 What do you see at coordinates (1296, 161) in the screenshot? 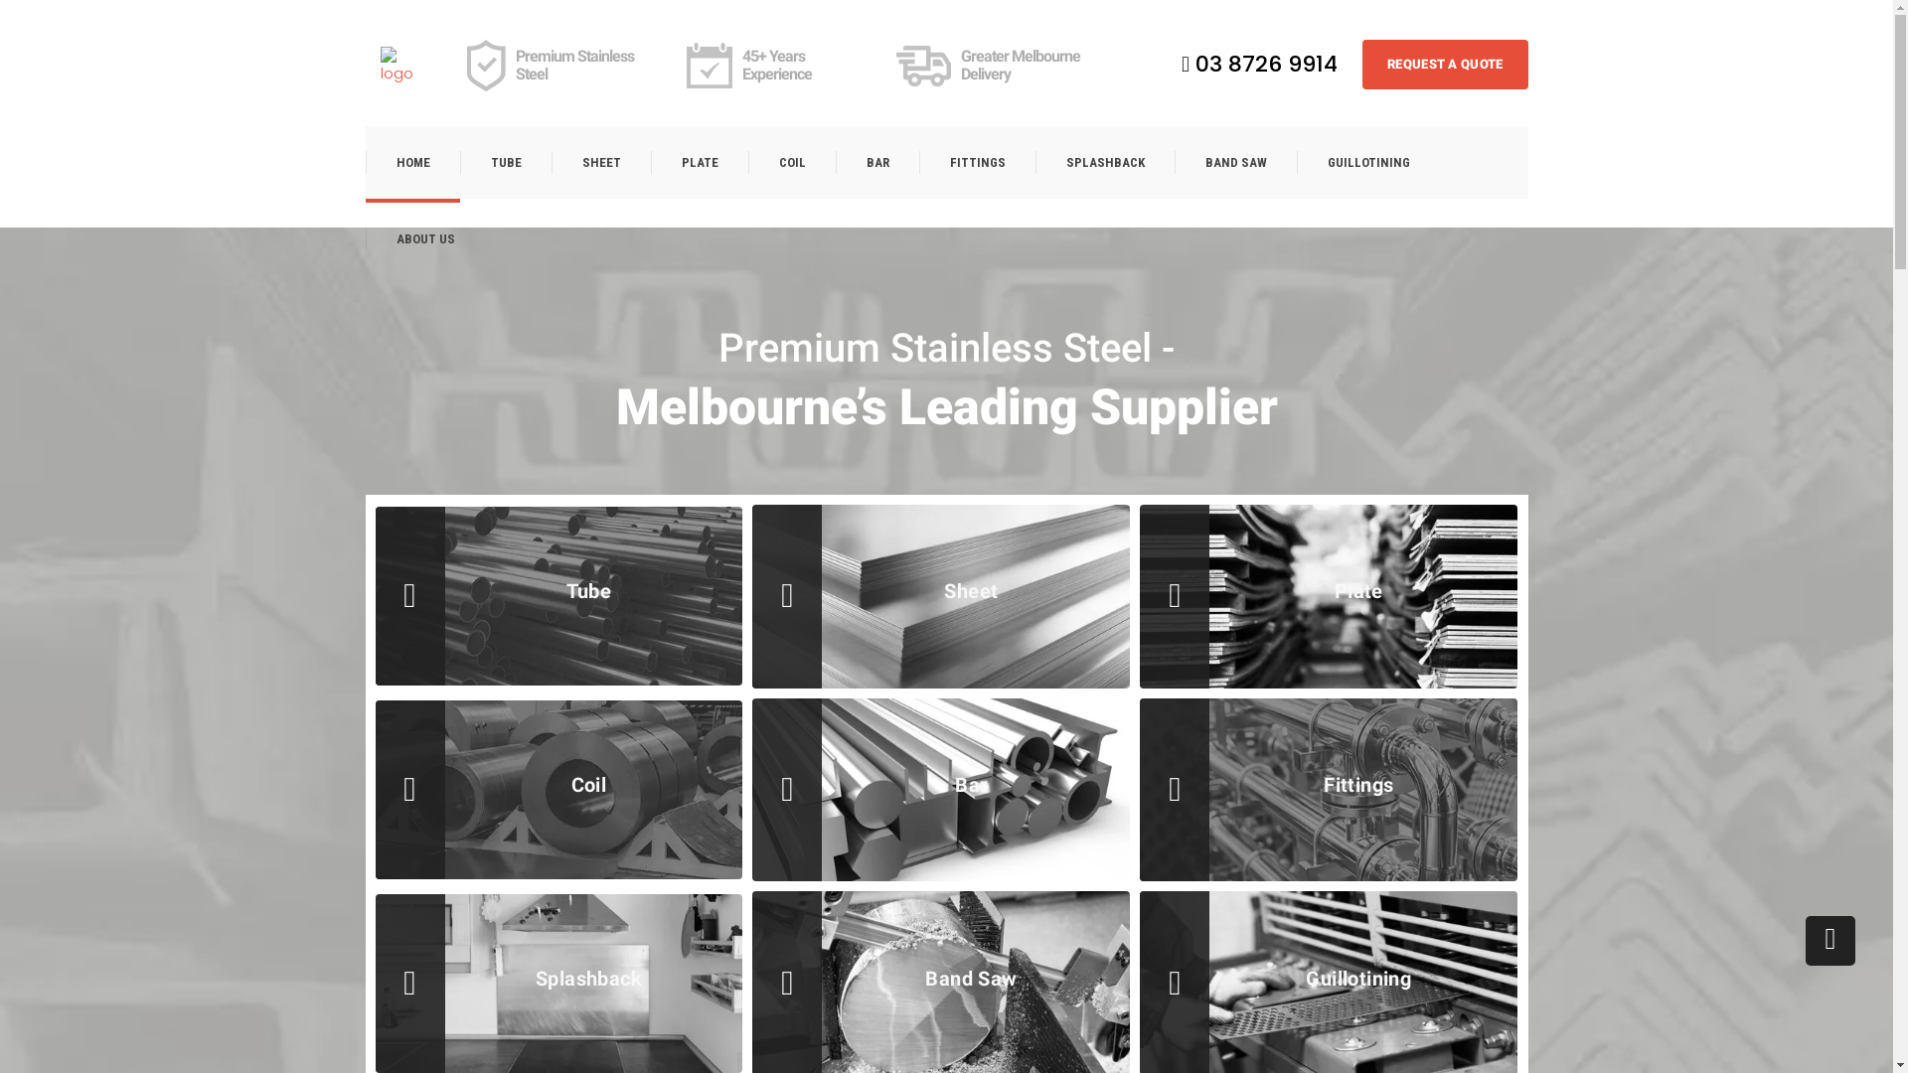
I see `'GUILLOTINING'` at bounding box center [1296, 161].